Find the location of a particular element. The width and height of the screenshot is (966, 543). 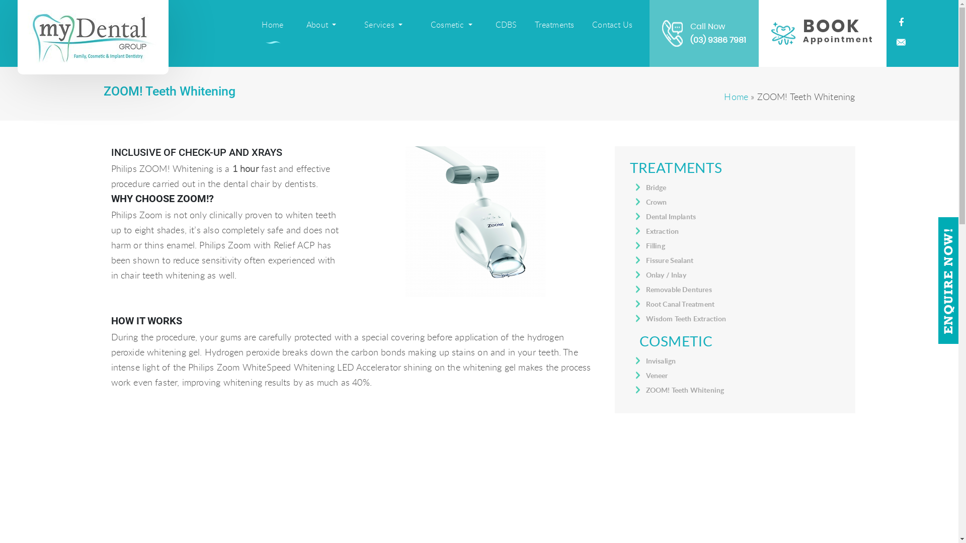

'facebook' is located at coordinates (901, 23).